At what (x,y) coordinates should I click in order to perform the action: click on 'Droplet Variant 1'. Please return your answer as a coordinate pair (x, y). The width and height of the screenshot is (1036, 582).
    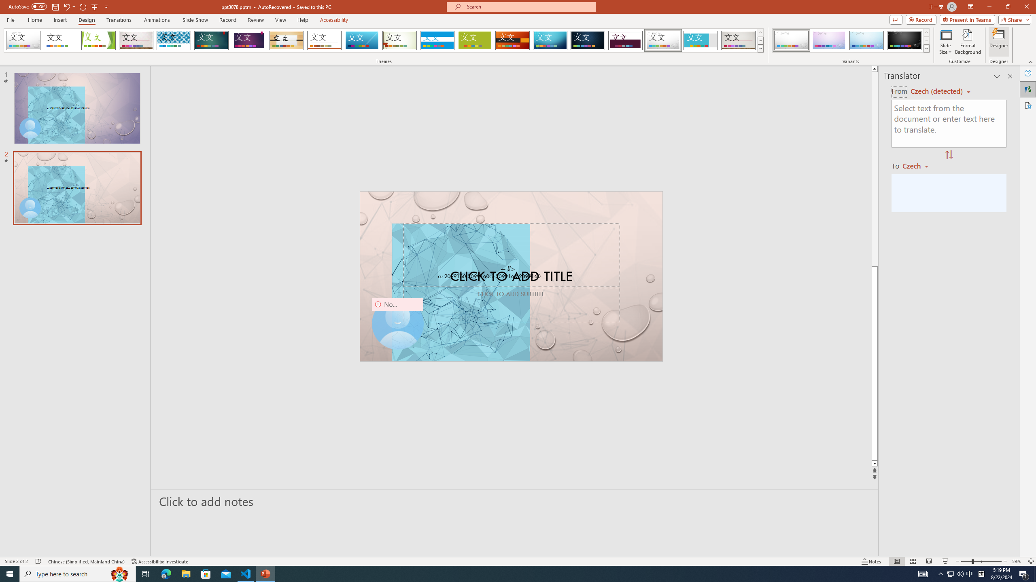
    Looking at the image, I should click on (791, 40).